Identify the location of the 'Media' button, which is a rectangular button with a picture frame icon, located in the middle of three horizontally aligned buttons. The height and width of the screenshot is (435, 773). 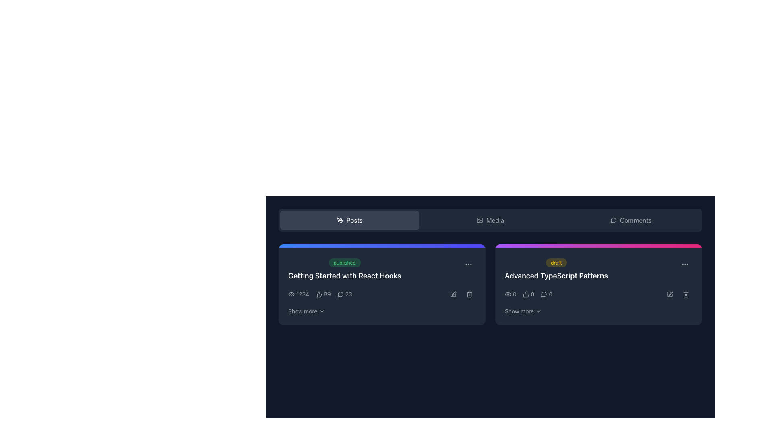
(490, 220).